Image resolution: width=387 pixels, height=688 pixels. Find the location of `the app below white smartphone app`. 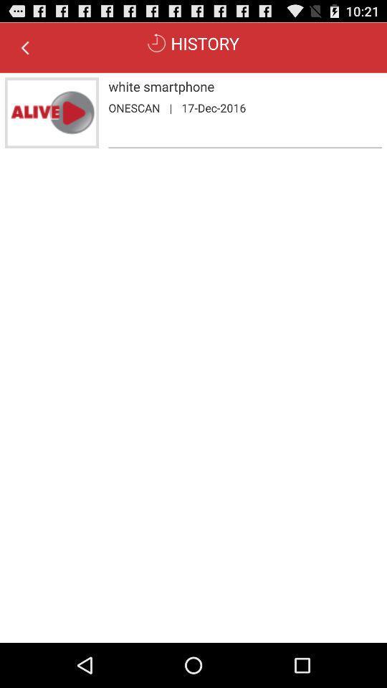

the app below white smartphone app is located at coordinates (171, 107).